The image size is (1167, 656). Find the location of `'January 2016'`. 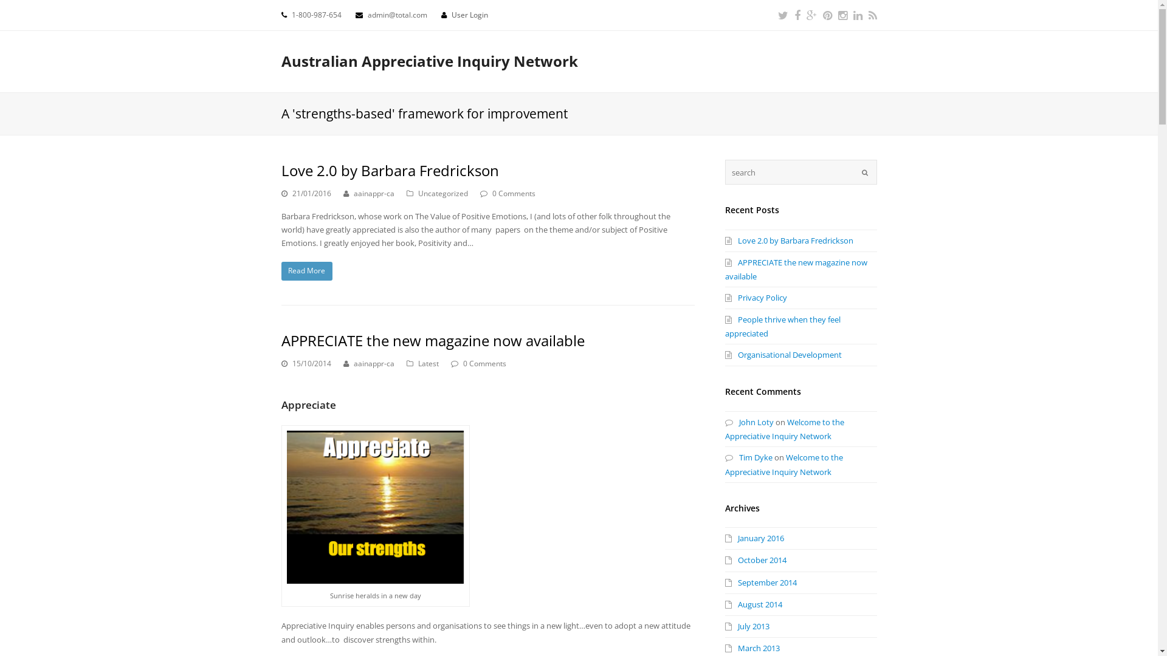

'January 2016' is located at coordinates (724, 538).